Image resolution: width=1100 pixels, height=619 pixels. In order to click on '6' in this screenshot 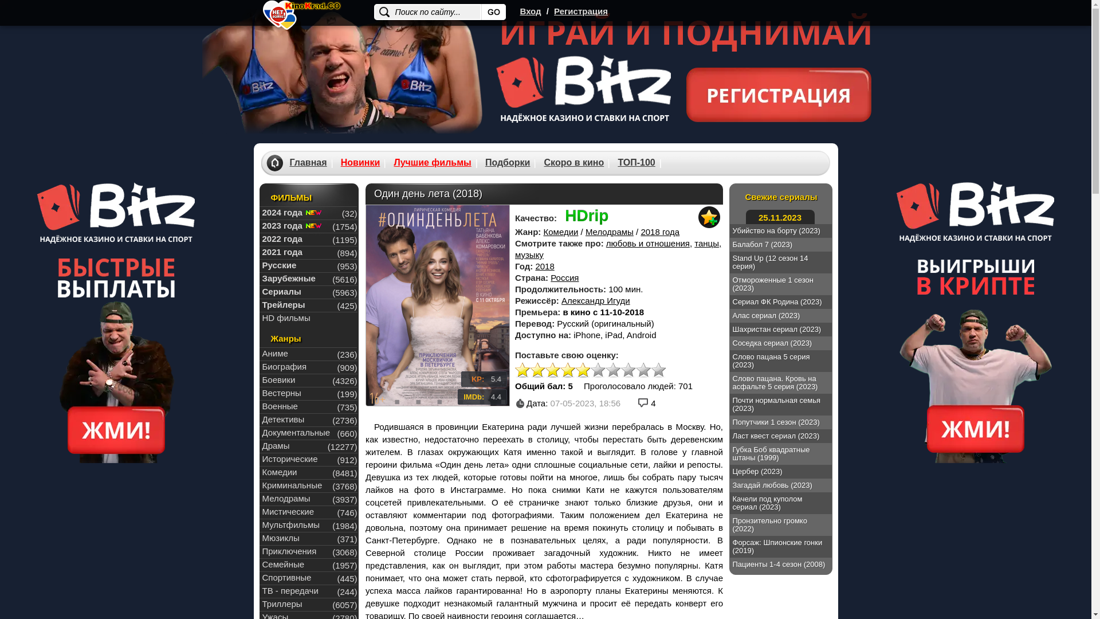, I will do `click(597, 370)`.